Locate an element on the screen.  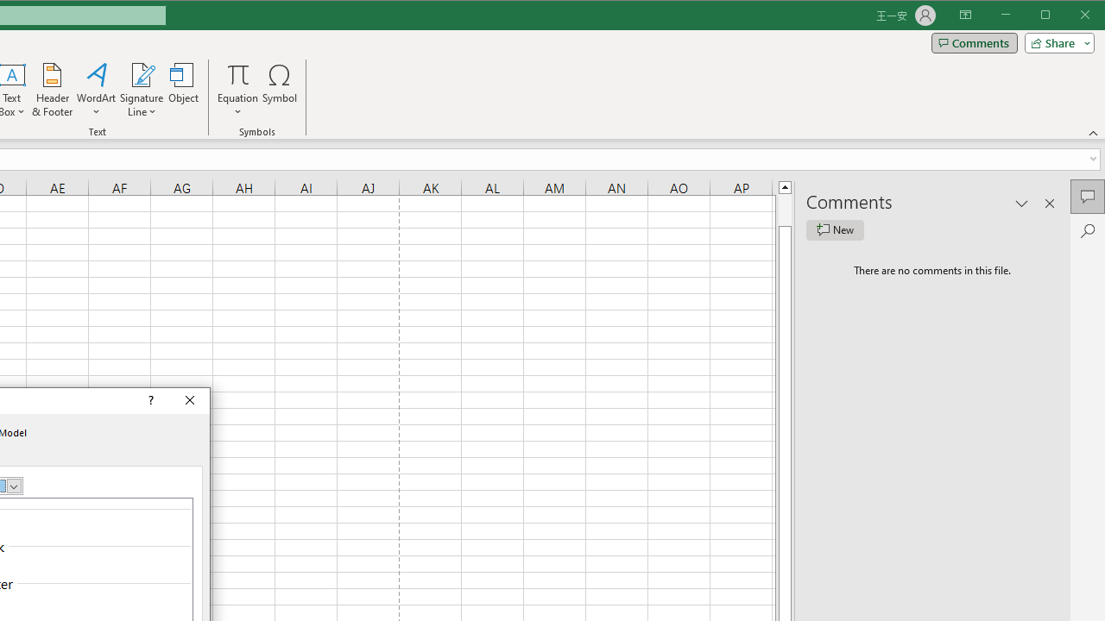
'WordArt' is located at coordinates (96, 90).